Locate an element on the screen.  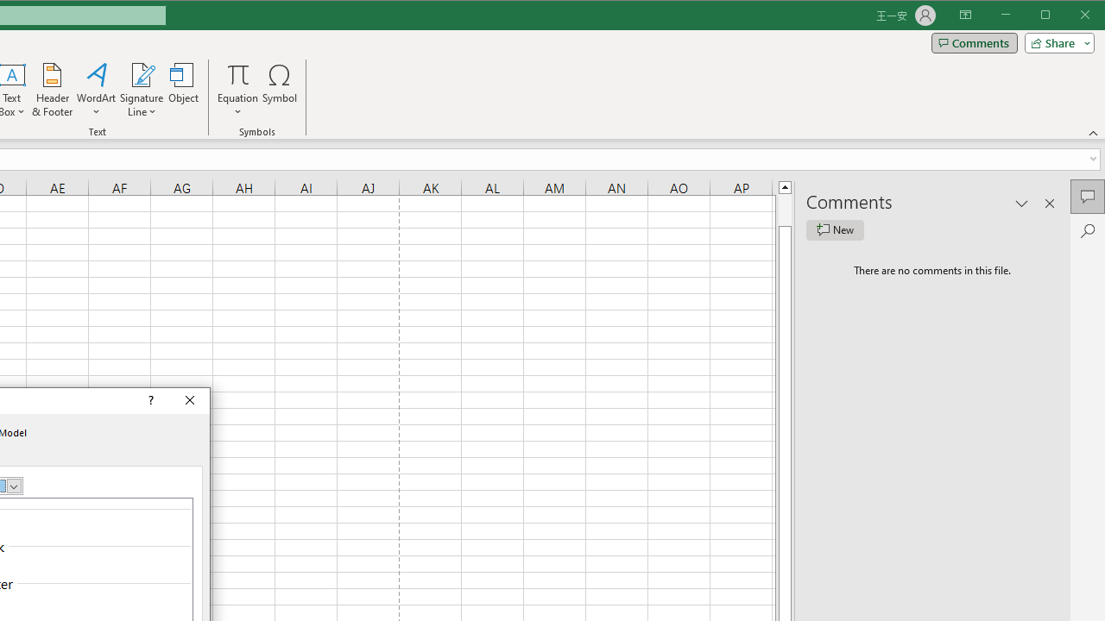
'WordArt' is located at coordinates (96, 90).